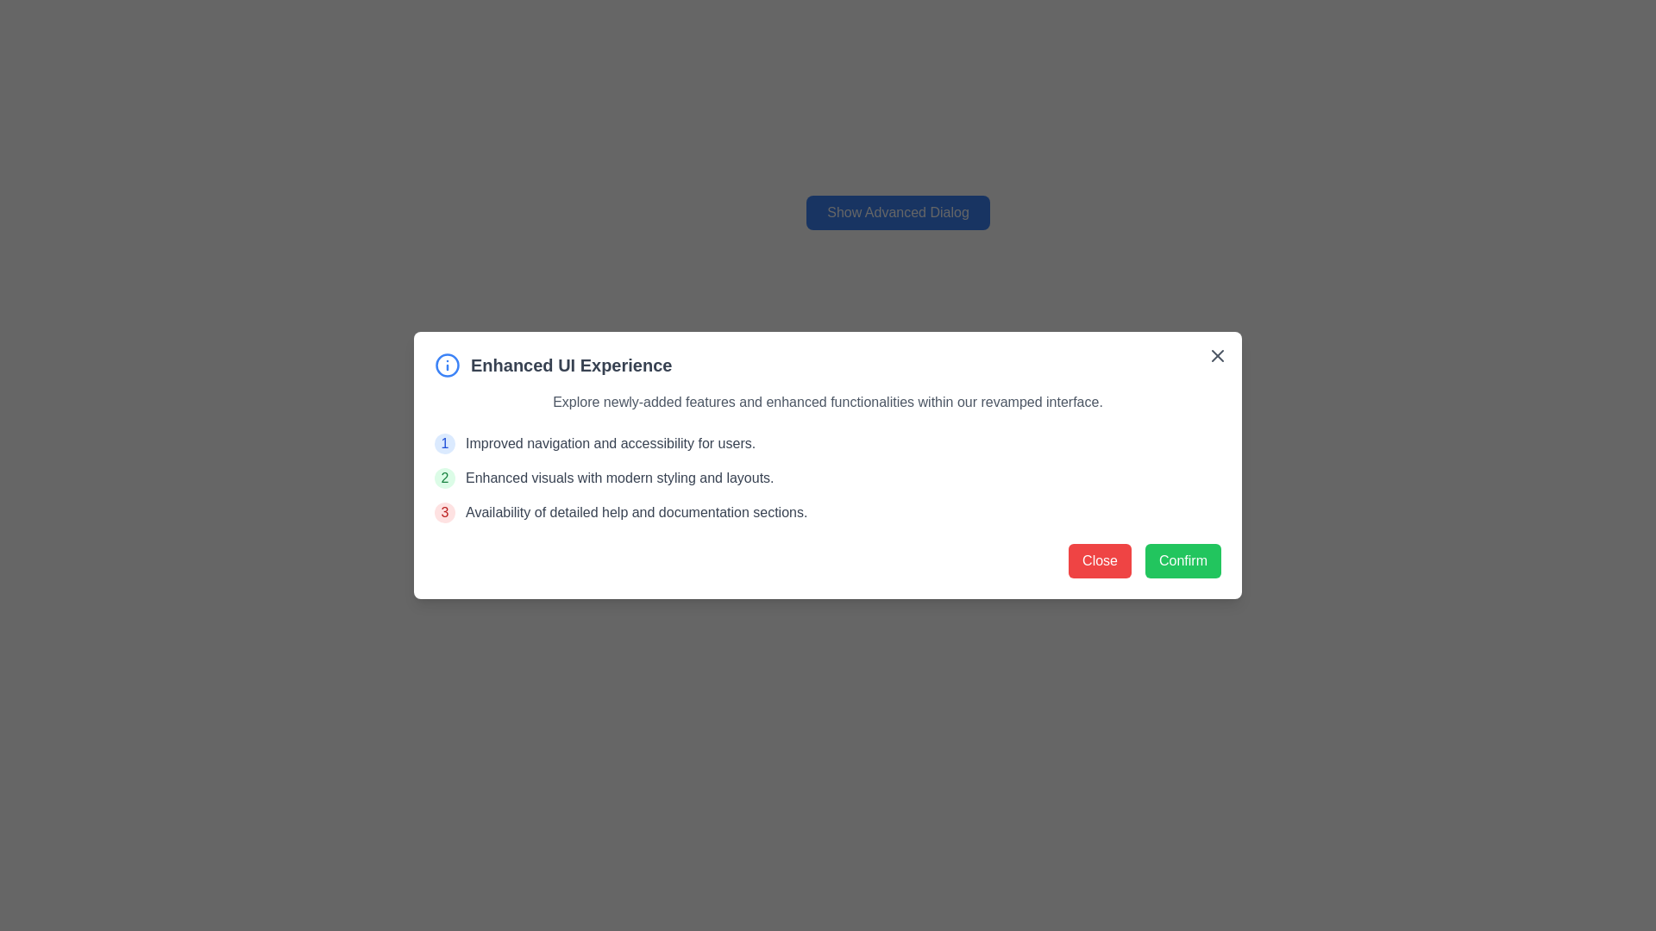 This screenshot has height=931, width=1656. What do you see at coordinates (897, 211) in the screenshot?
I see `the rounded rectangular button with a blue background and white text labeled 'Show Advanced Dialog'` at bounding box center [897, 211].